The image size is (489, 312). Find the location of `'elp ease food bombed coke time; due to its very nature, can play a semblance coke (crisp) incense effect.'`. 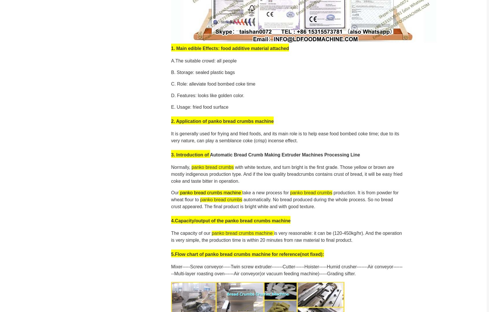

'elp ease food bombed coke time; due to its very nature, can play a semblance coke (crisp) incense effect.' is located at coordinates (285, 136).